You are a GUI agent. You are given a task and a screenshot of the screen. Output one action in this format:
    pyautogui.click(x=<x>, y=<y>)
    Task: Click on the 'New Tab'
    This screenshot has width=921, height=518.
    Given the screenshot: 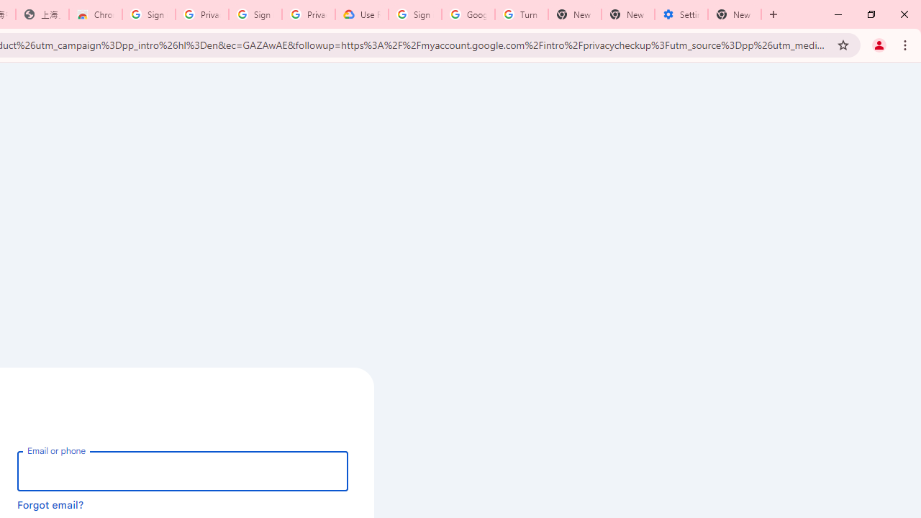 What is the action you would take?
    pyautogui.click(x=735, y=14)
    